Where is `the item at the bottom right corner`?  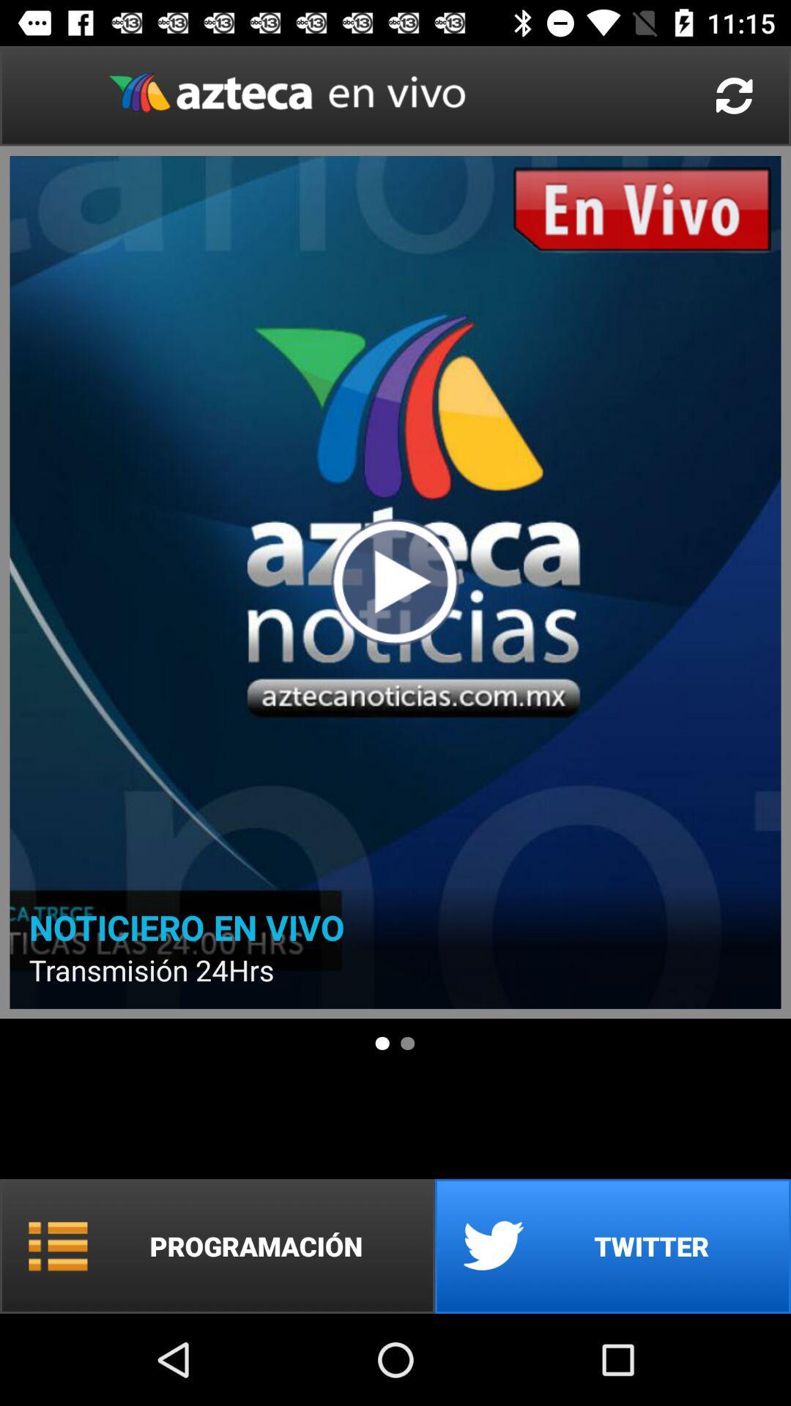
the item at the bottom right corner is located at coordinates (613, 1246).